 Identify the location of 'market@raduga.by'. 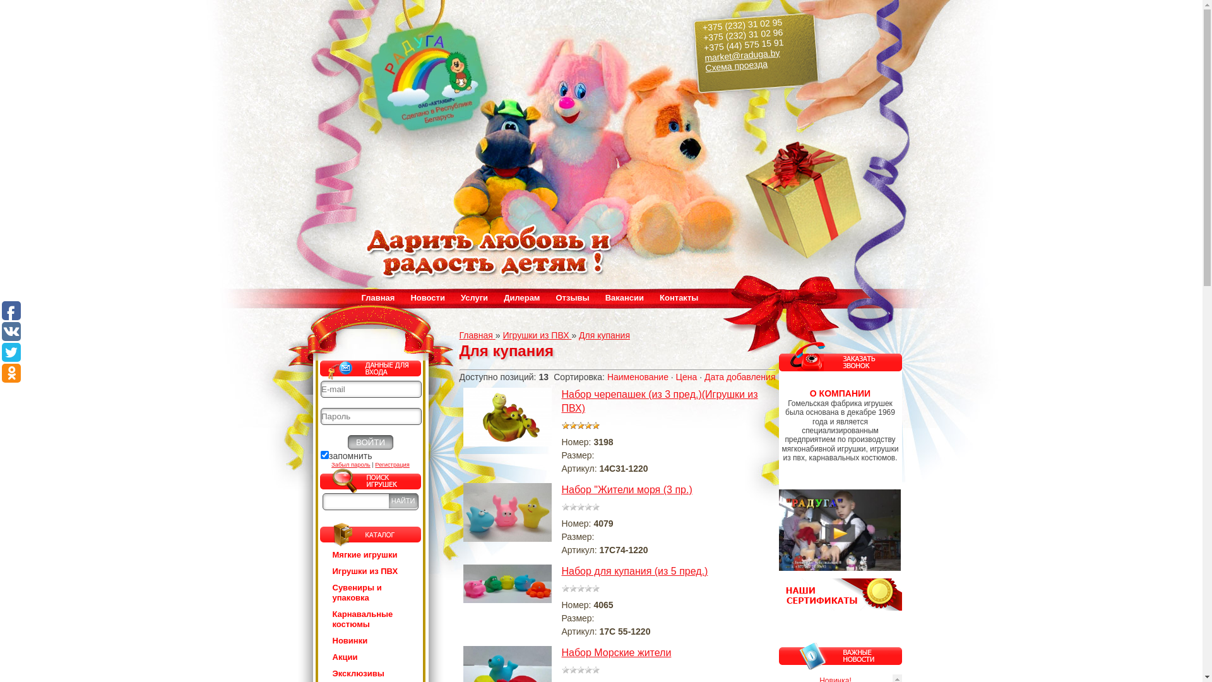
(741, 52).